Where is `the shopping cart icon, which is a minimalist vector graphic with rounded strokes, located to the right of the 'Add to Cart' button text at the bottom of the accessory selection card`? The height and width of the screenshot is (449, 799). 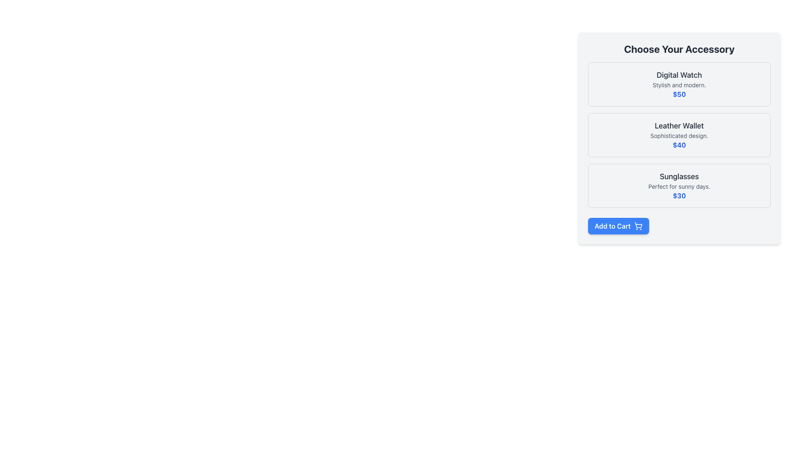
the shopping cart icon, which is a minimalist vector graphic with rounded strokes, located to the right of the 'Add to Cart' button text at the bottom of the accessory selection card is located at coordinates (638, 226).